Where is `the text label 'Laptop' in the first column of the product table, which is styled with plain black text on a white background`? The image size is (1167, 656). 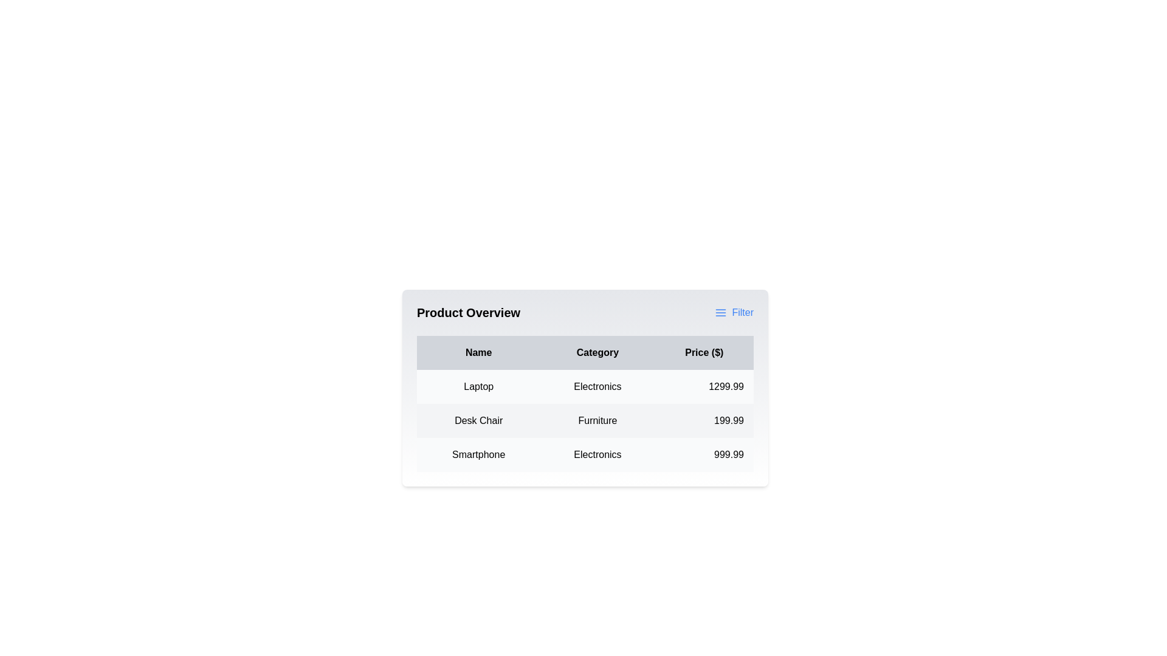 the text label 'Laptop' in the first column of the product table, which is styled with plain black text on a white background is located at coordinates (478, 386).